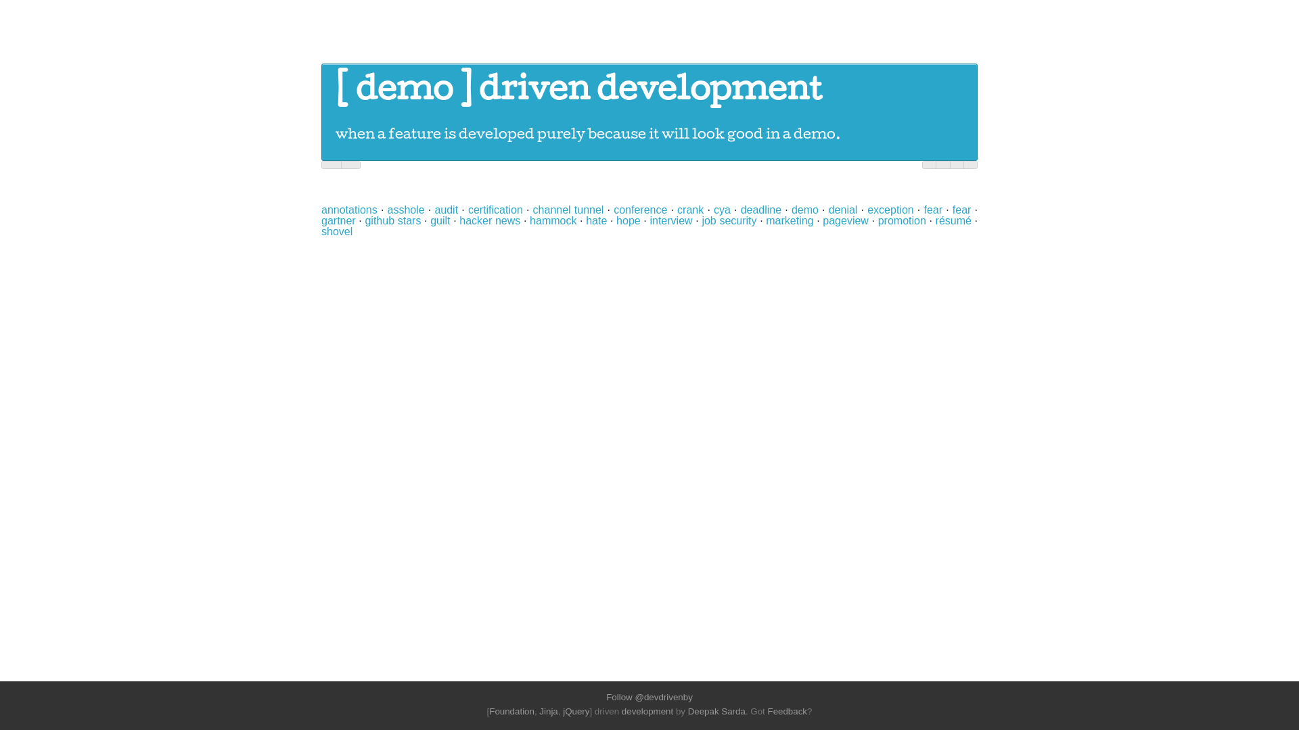 This screenshot has width=1299, height=730. Describe the element at coordinates (321, 230) in the screenshot. I see `'shovel'` at that location.